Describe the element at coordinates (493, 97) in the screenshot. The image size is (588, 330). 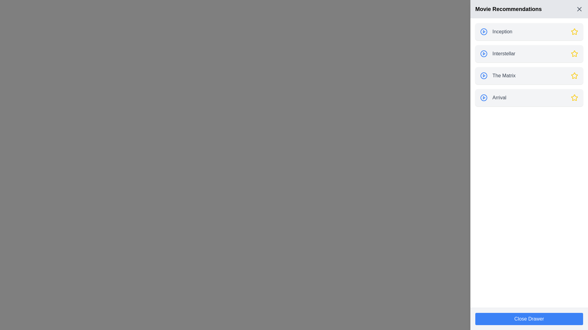
I see `the play icon in the fourth row of the 'Movie Recommendations' panel to play the movie 'Arrival'` at that location.